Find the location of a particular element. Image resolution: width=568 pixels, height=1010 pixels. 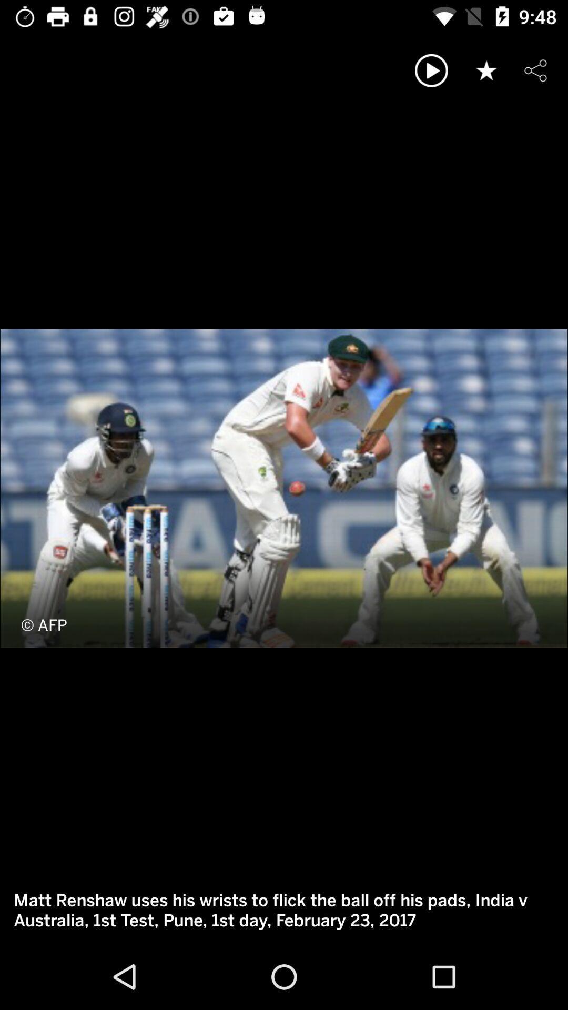

share photograph is located at coordinates (535, 70).